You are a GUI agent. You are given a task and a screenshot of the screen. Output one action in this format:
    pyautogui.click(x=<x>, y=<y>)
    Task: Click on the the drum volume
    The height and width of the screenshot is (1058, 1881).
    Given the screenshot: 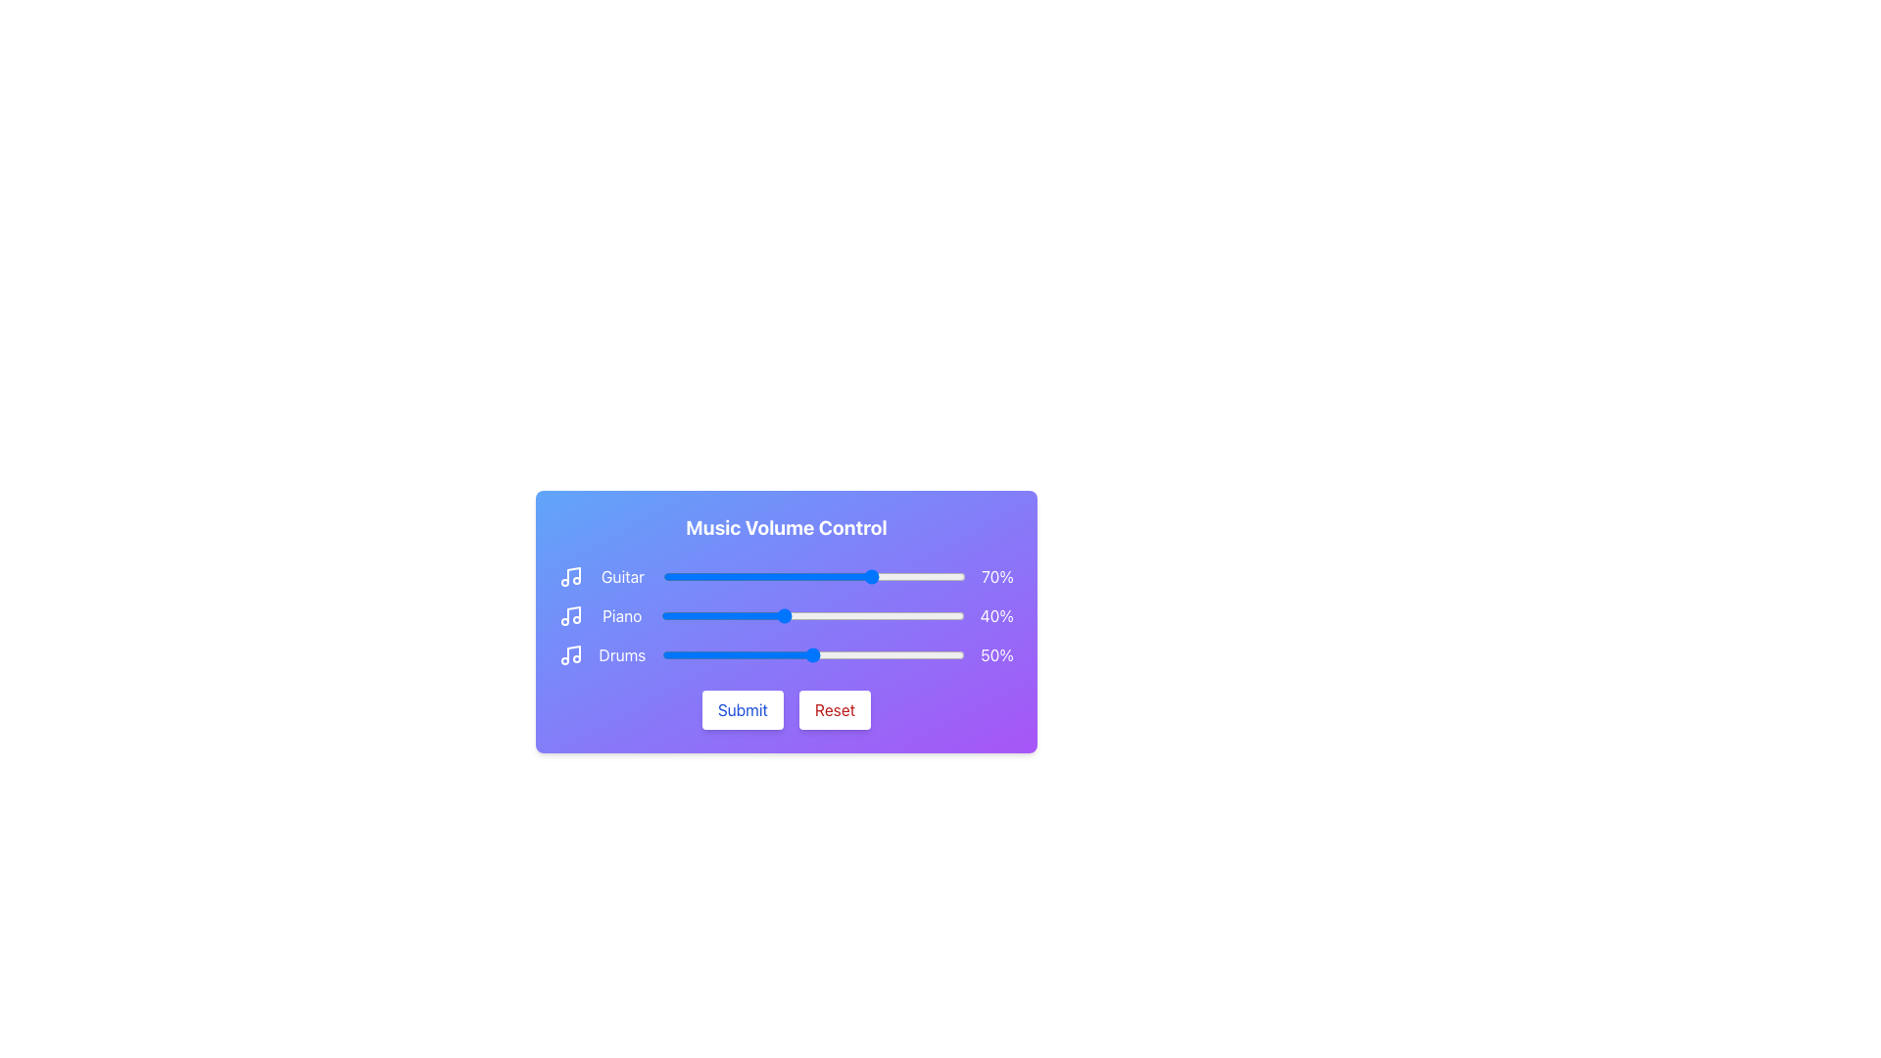 What is the action you would take?
    pyautogui.click(x=730, y=654)
    